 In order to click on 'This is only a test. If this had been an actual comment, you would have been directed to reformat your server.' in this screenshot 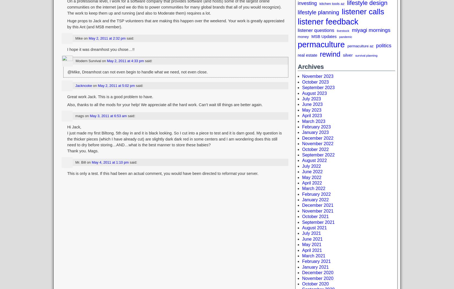, I will do `click(162, 173)`.